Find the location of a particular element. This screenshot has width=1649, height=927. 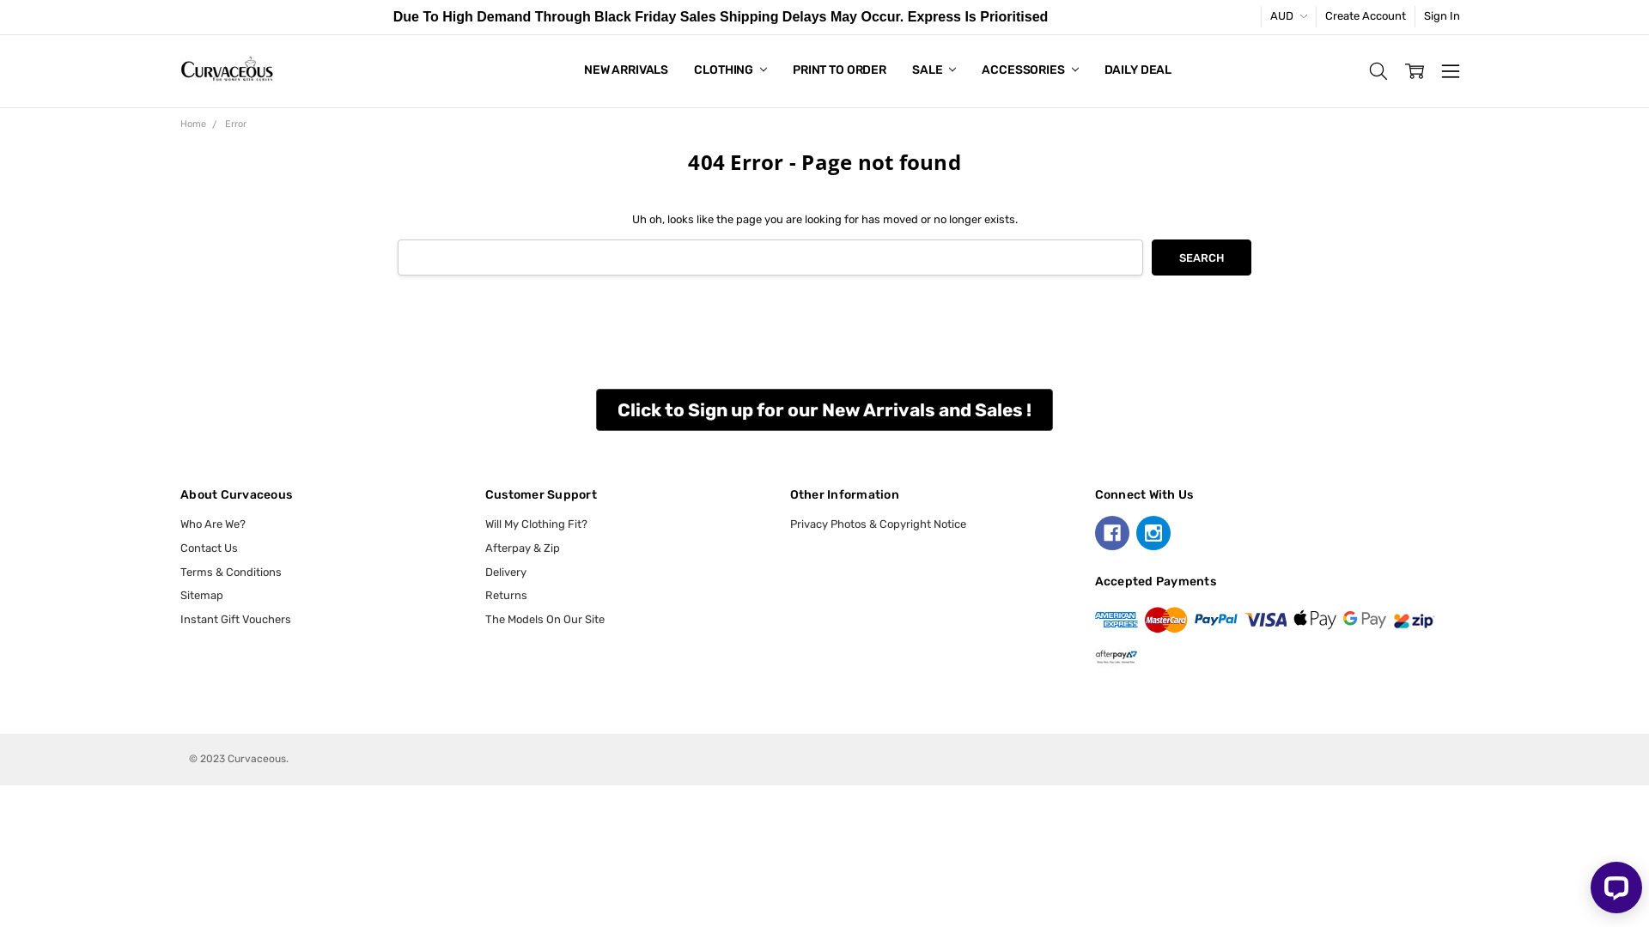

'Click to Sign up for our New Arrivals and Sales !' is located at coordinates (824, 410).